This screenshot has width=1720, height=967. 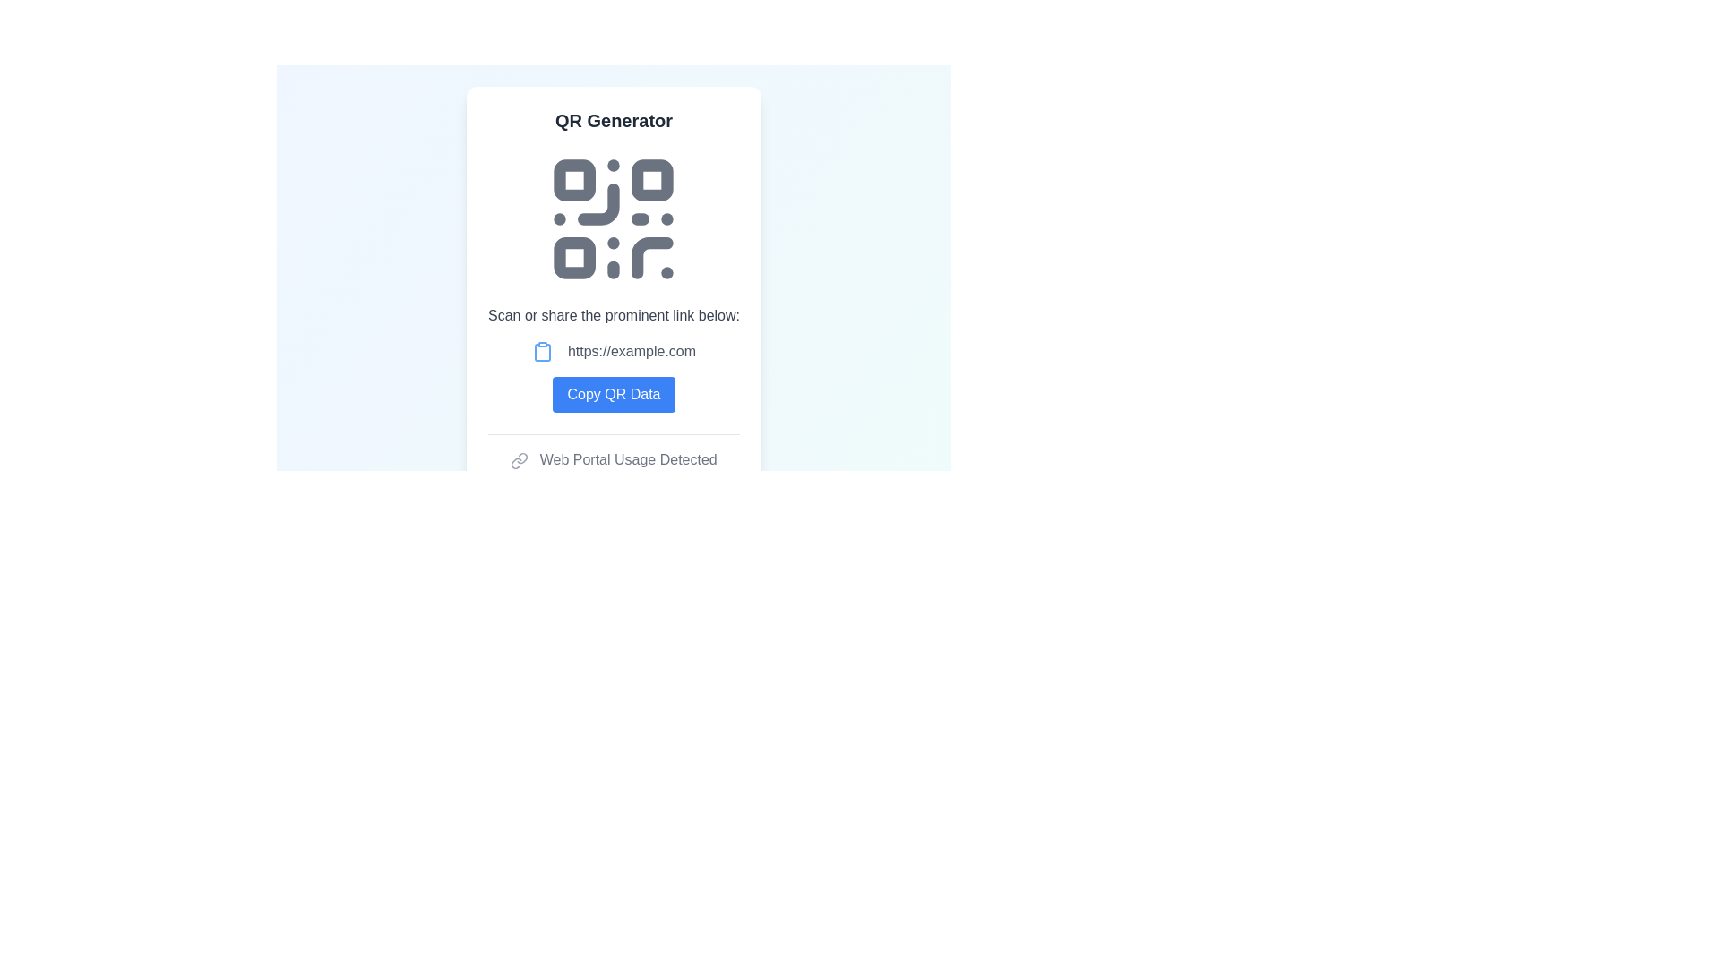 What do you see at coordinates (614, 458) in the screenshot?
I see `the informational text element located at the bottom of the 'QR Generator' card, directly below the 'Copy QR Data' button` at bounding box center [614, 458].